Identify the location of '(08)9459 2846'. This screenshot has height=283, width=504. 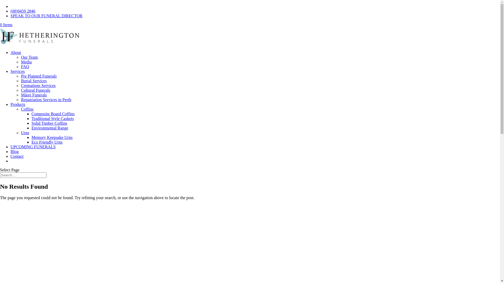
(23, 11).